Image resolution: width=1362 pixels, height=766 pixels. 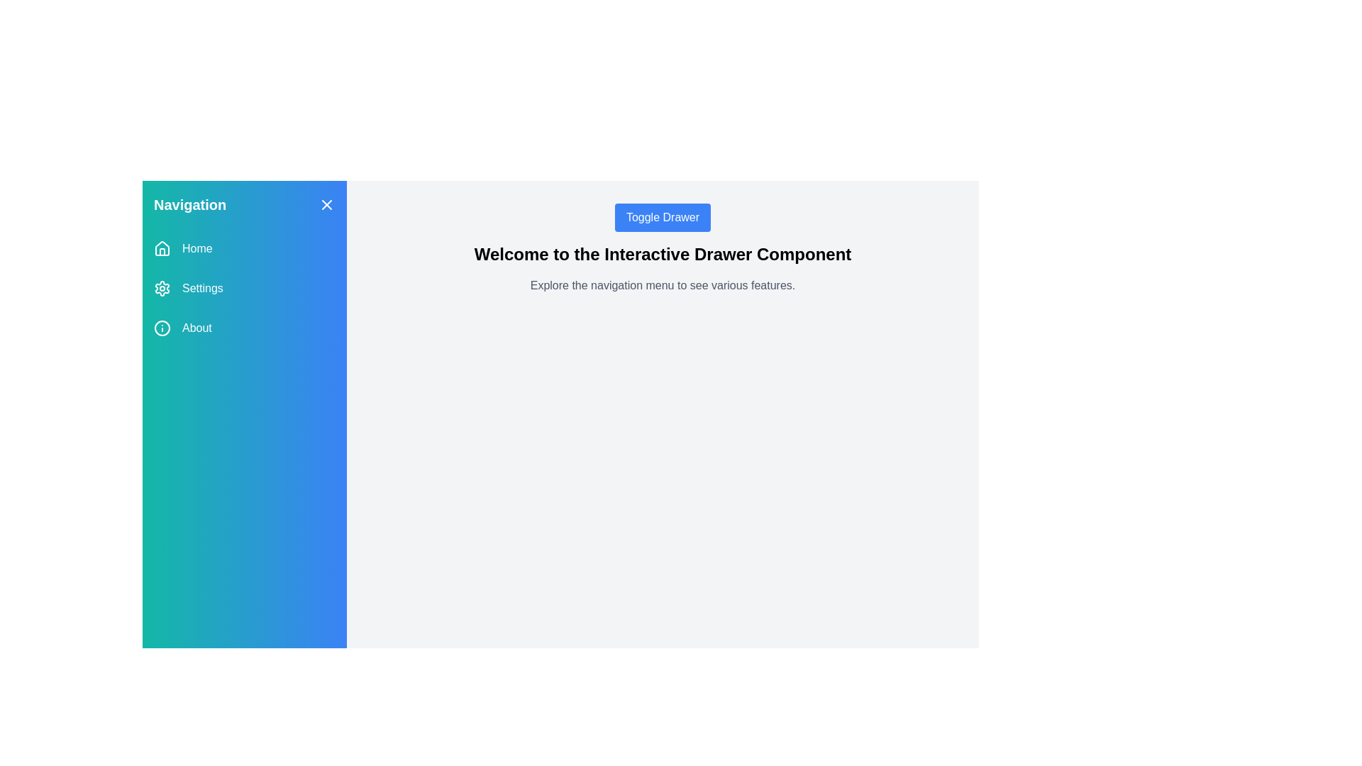 What do you see at coordinates (245, 328) in the screenshot?
I see `the navigation item About to navigate to the corresponding section` at bounding box center [245, 328].